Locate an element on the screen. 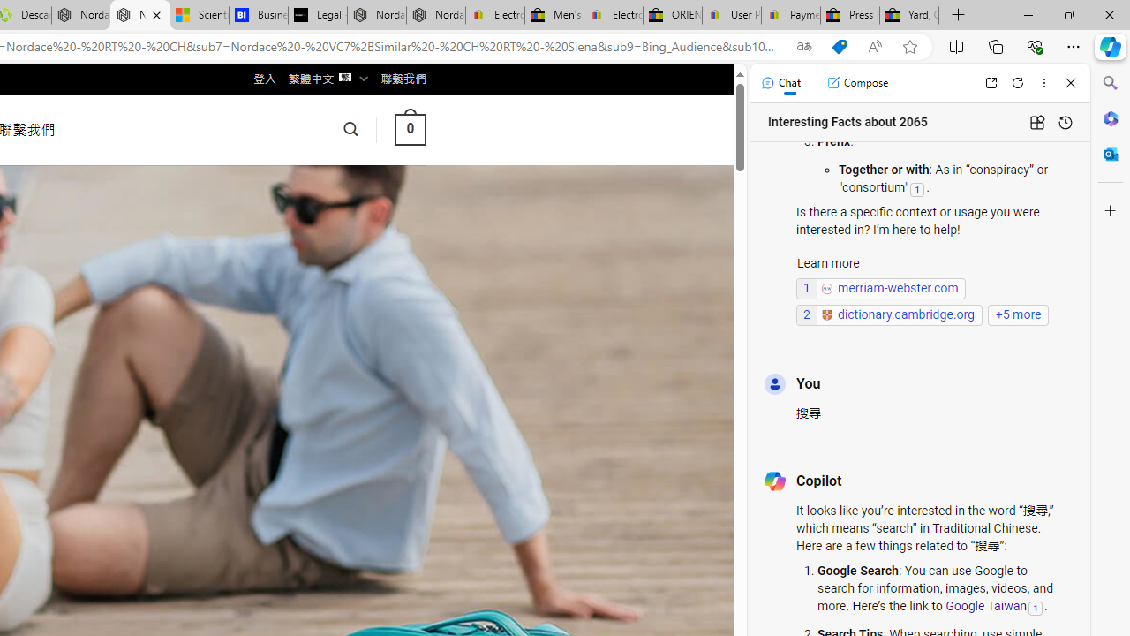 The height and width of the screenshot is (636, 1130). 'This site has coupons! Shopping in Microsoft Edge' is located at coordinates (839, 46).